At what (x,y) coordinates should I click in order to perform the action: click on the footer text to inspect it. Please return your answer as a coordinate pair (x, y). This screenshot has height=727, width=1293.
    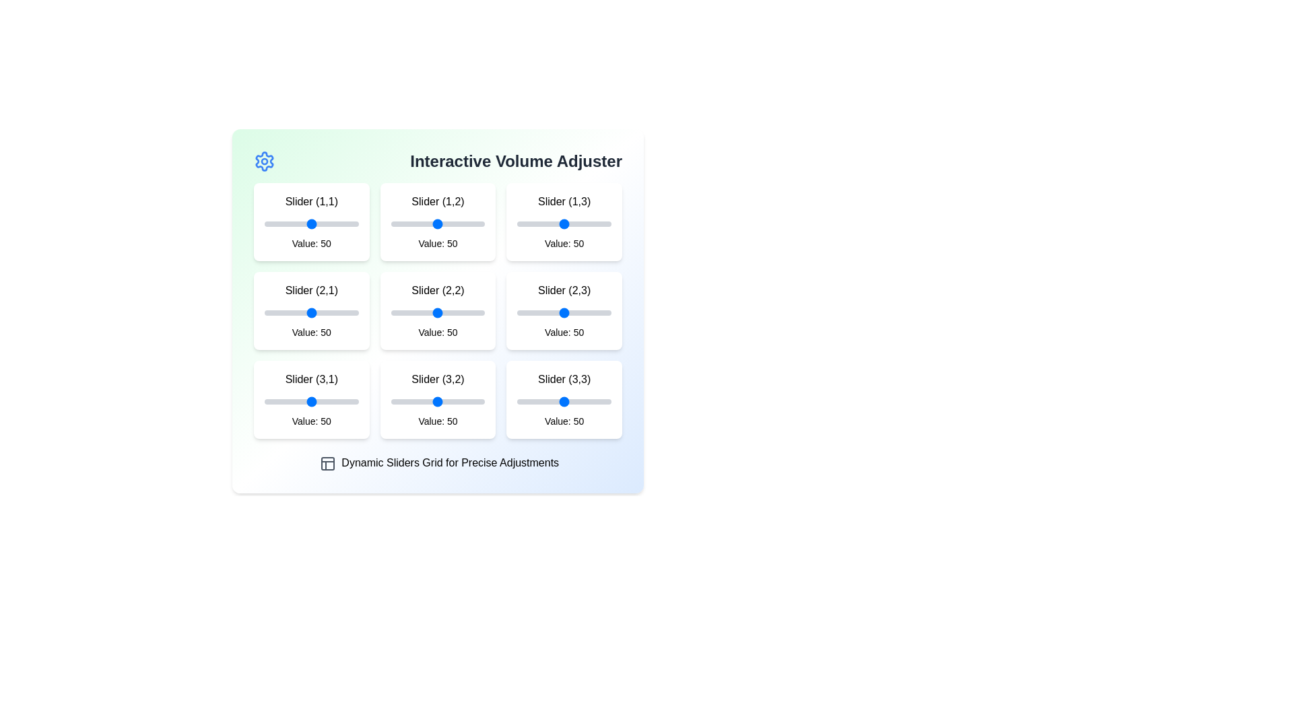
    Looking at the image, I should click on (438, 462).